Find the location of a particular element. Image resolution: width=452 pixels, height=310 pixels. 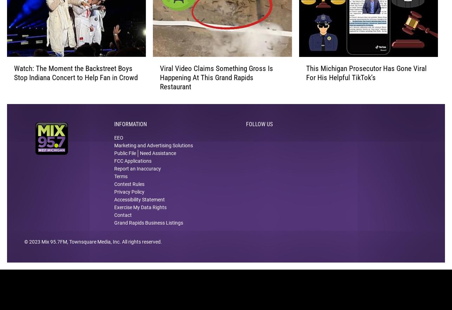

'Mix 95.7FM' is located at coordinates (54, 251).